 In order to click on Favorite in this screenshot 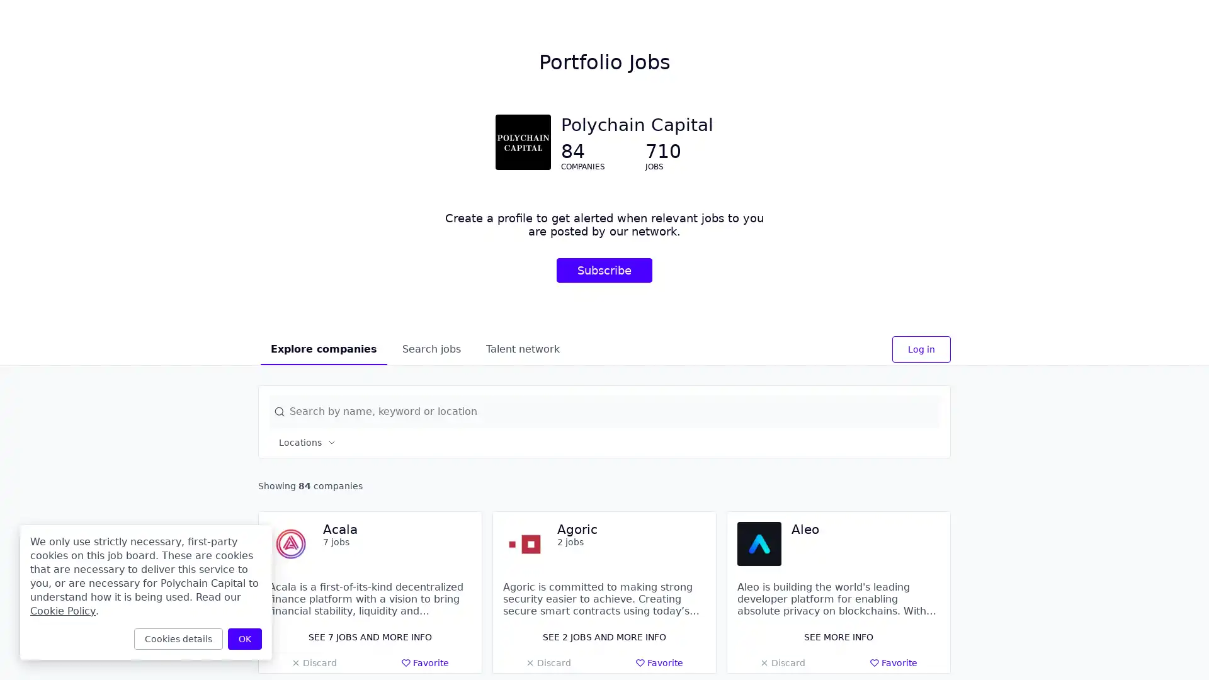, I will do `click(893, 662)`.